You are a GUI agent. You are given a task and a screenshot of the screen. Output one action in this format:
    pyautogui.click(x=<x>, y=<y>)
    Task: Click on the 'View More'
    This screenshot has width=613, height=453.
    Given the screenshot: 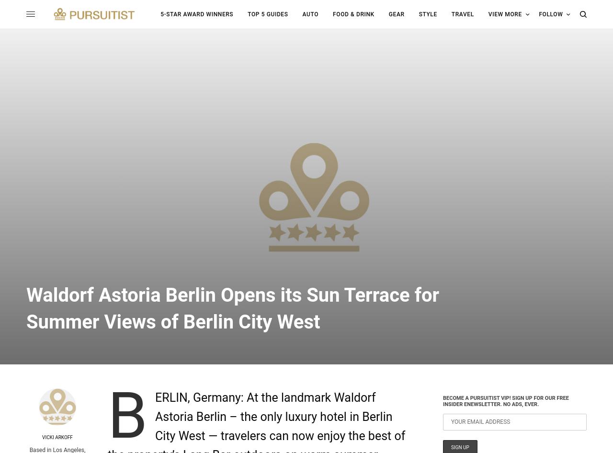 What is the action you would take?
    pyautogui.click(x=504, y=14)
    